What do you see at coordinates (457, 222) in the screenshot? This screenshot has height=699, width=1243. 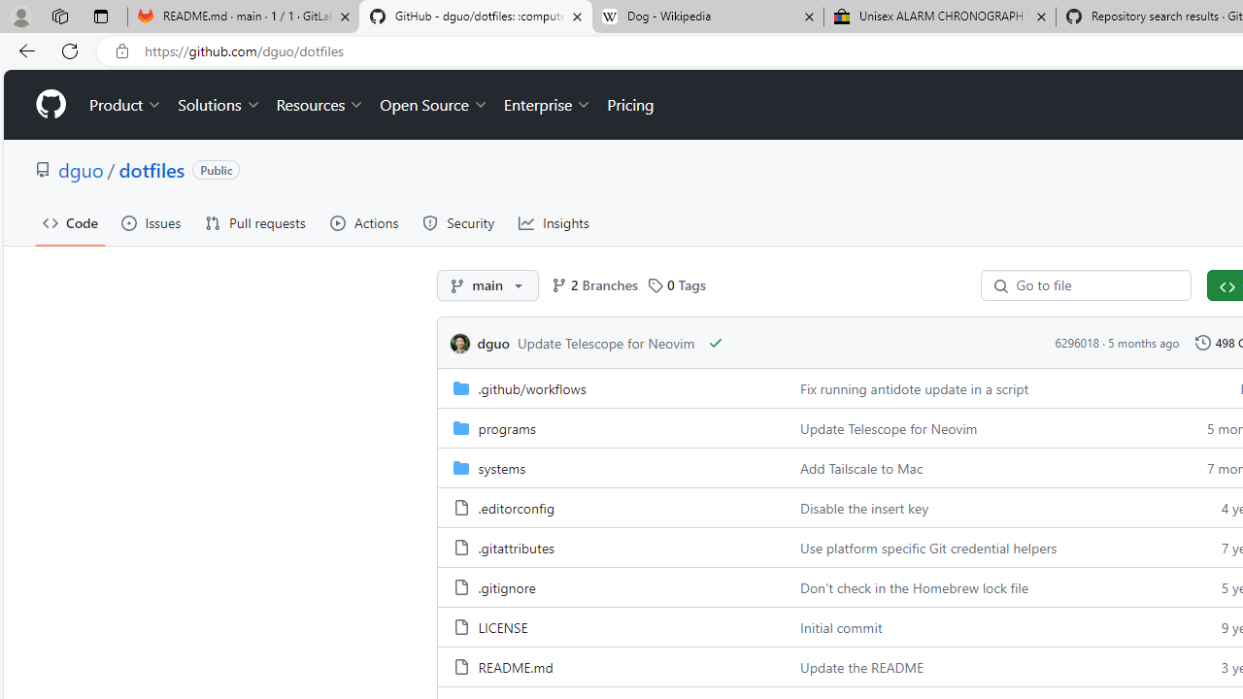 I see `'Security'` at bounding box center [457, 222].